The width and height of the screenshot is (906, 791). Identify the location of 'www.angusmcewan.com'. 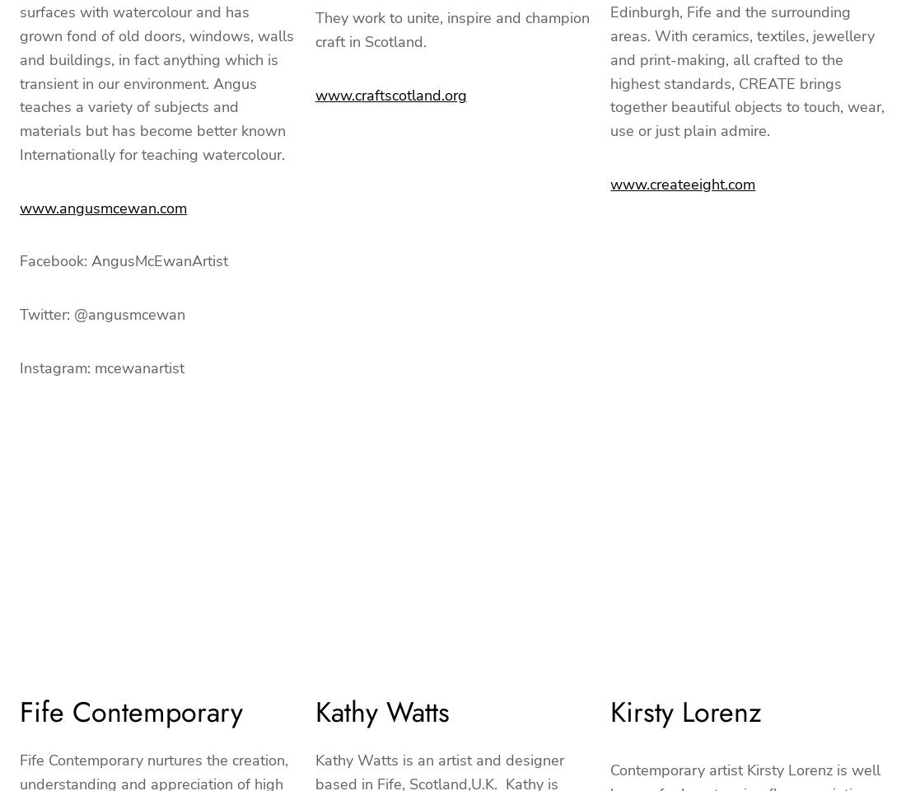
(103, 207).